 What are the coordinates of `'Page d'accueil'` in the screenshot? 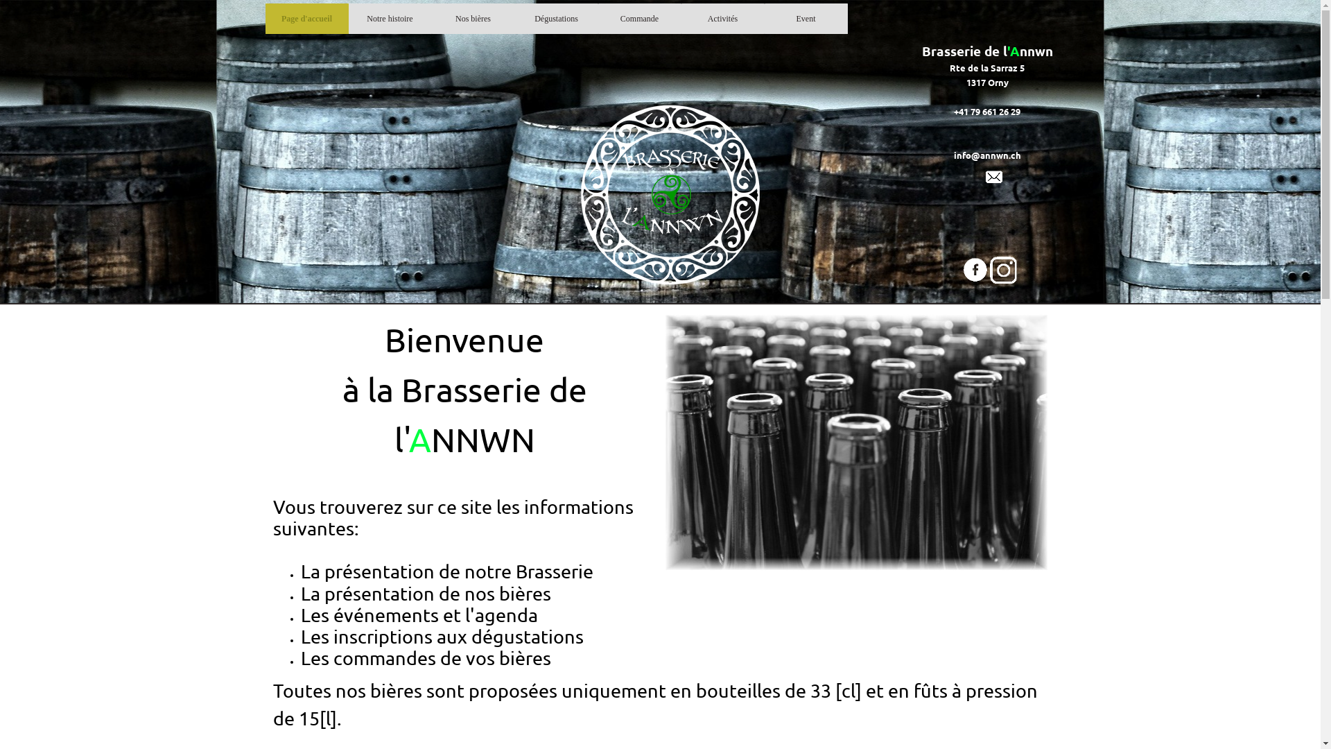 It's located at (269, 19).